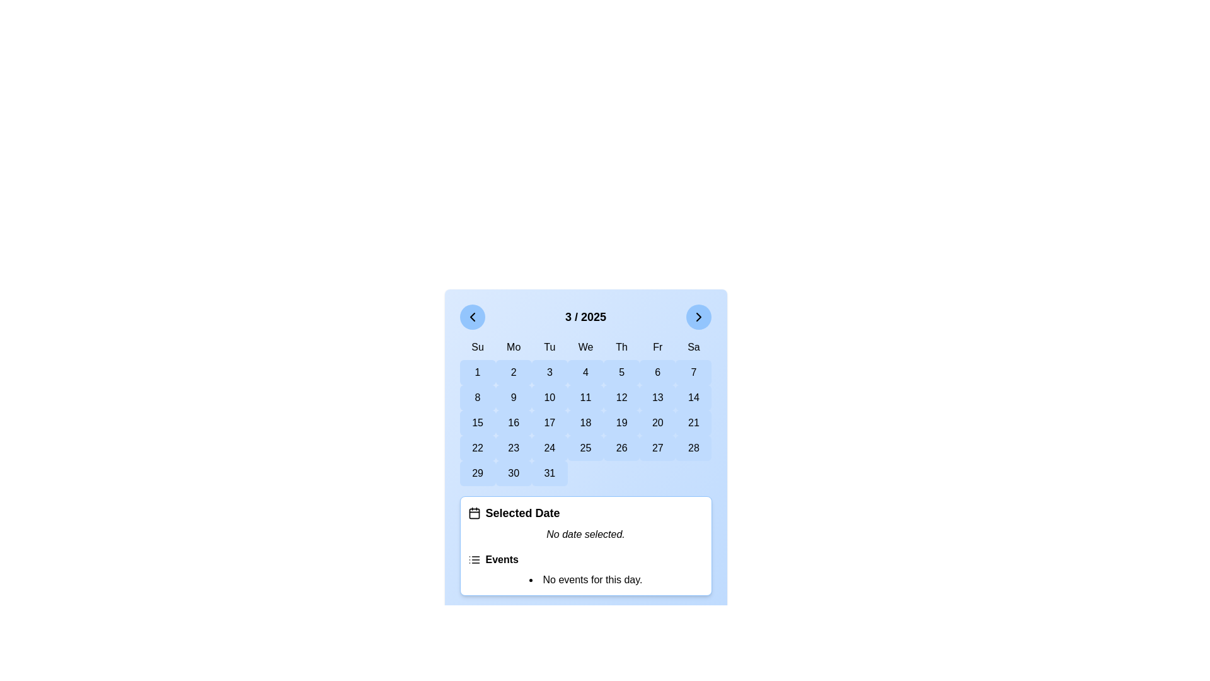 The height and width of the screenshot is (681, 1210). What do you see at coordinates (477, 447) in the screenshot?
I see `the button labeled '22' in the calendar interface for navigation by moving the cursor to its center position` at bounding box center [477, 447].